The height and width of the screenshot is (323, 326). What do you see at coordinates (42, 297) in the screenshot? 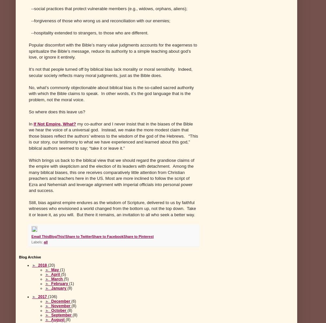
I see `'2017'` at bounding box center [42, 297].